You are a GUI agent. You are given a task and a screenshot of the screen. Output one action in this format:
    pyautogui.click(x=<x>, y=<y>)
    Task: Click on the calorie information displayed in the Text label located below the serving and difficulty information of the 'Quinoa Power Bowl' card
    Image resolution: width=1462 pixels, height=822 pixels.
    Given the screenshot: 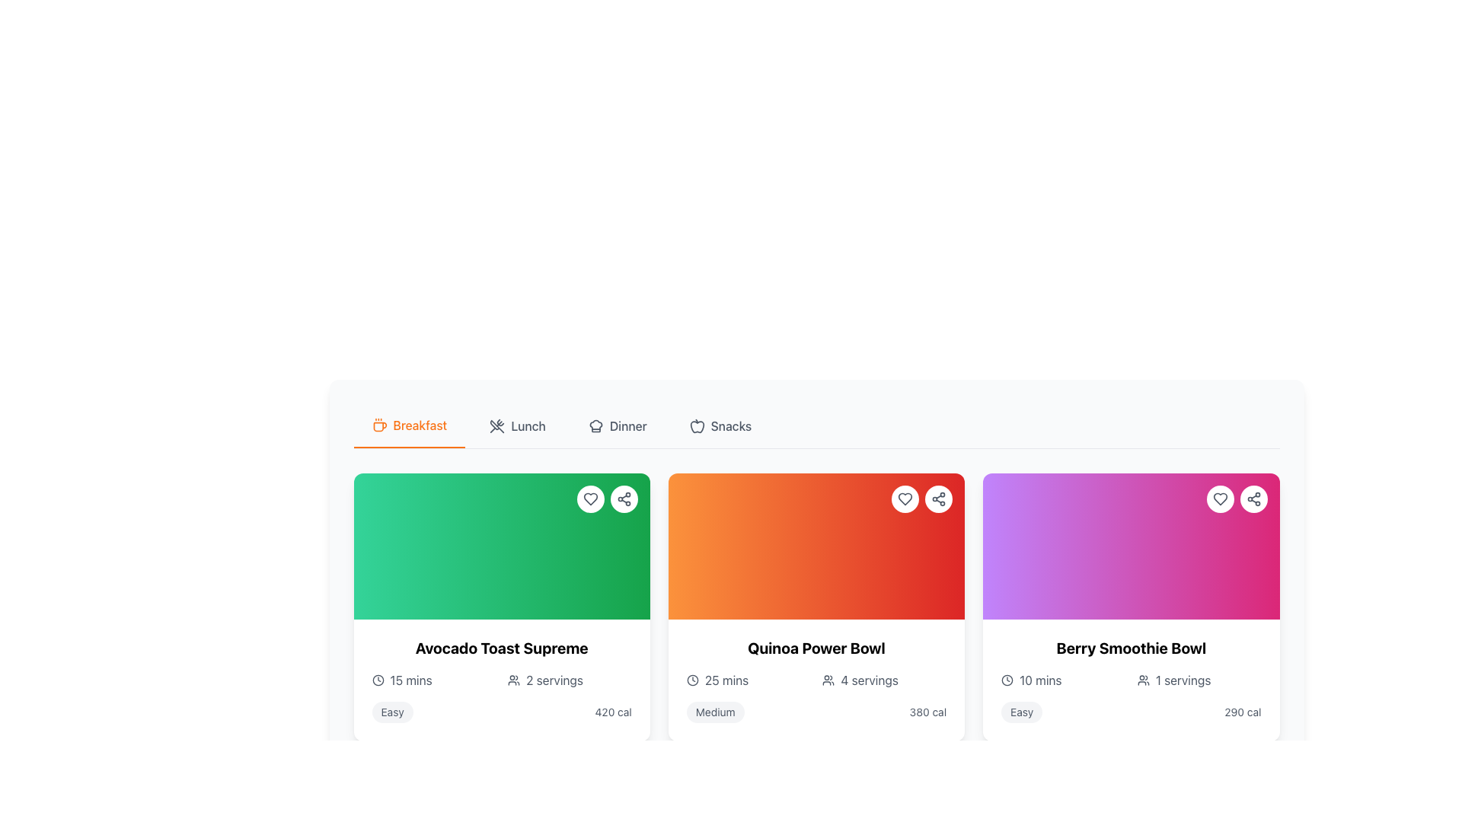 What is the action you would take?
    pyautogui.click(x=927, y=712)
    